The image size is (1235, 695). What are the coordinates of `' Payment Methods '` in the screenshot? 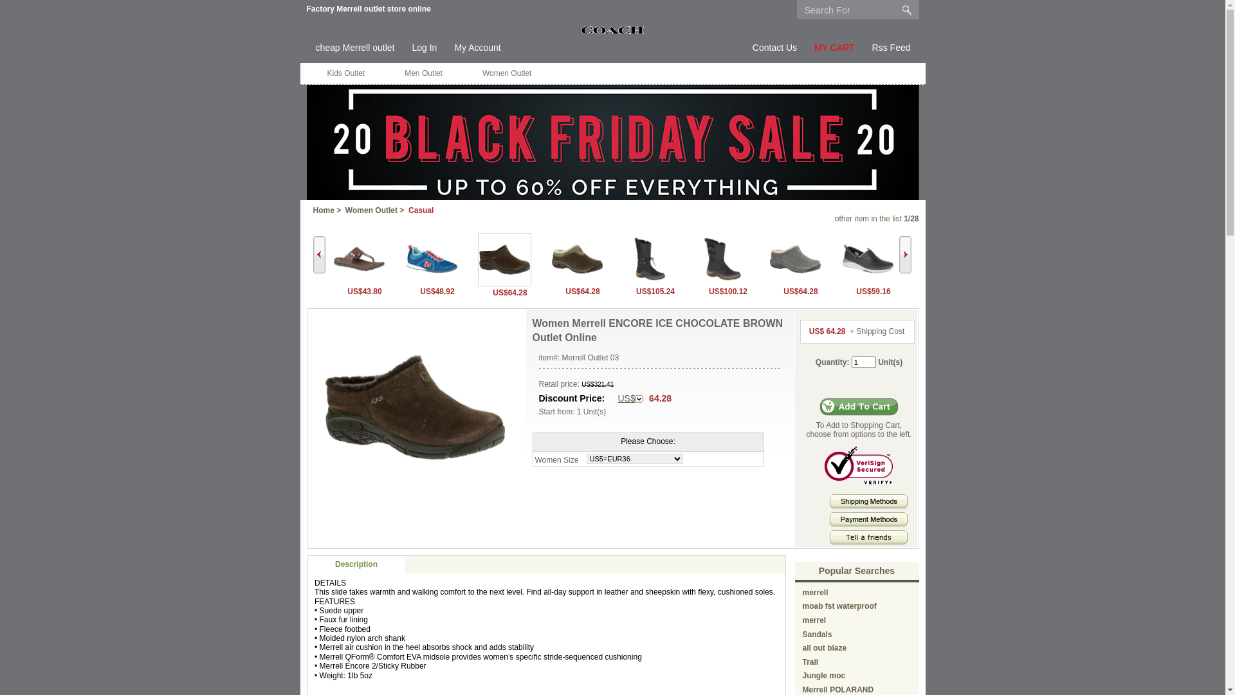 It's located at (868, 518).